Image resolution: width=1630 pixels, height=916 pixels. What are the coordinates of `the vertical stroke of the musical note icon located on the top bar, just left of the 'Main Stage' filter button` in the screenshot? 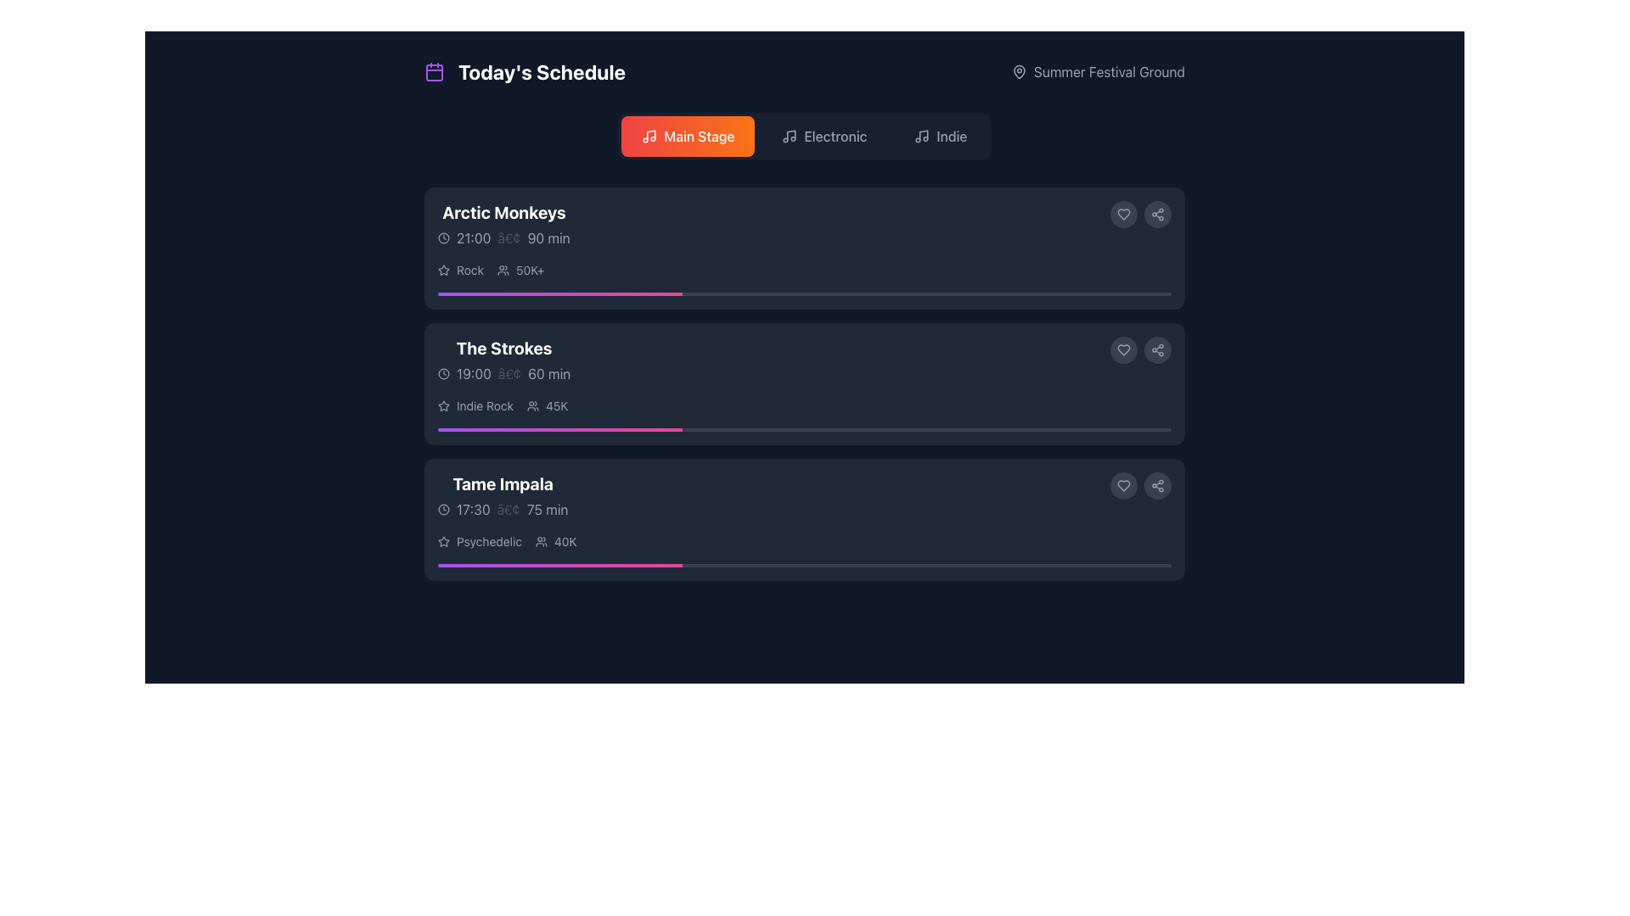 It's located at (650, 134).